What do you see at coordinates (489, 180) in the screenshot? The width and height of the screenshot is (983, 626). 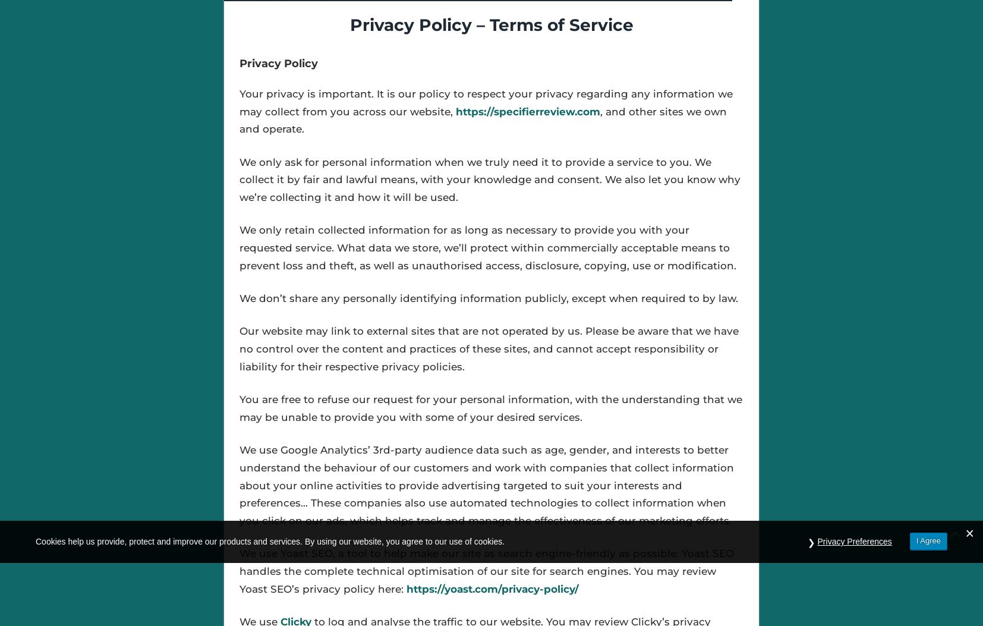 I see `'We only ask for personal information when we truly need it to provide a service to you. We collect it by fair and lawful means, with your knowledge and consent. We also let you know why we’re collecting it and how it will be used.'` at bounding box center [489, 180].